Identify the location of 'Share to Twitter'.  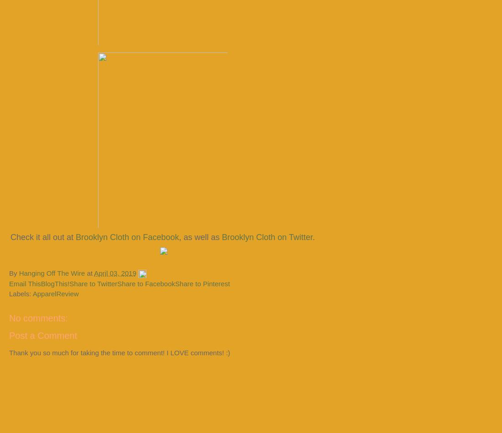
(93, 283).